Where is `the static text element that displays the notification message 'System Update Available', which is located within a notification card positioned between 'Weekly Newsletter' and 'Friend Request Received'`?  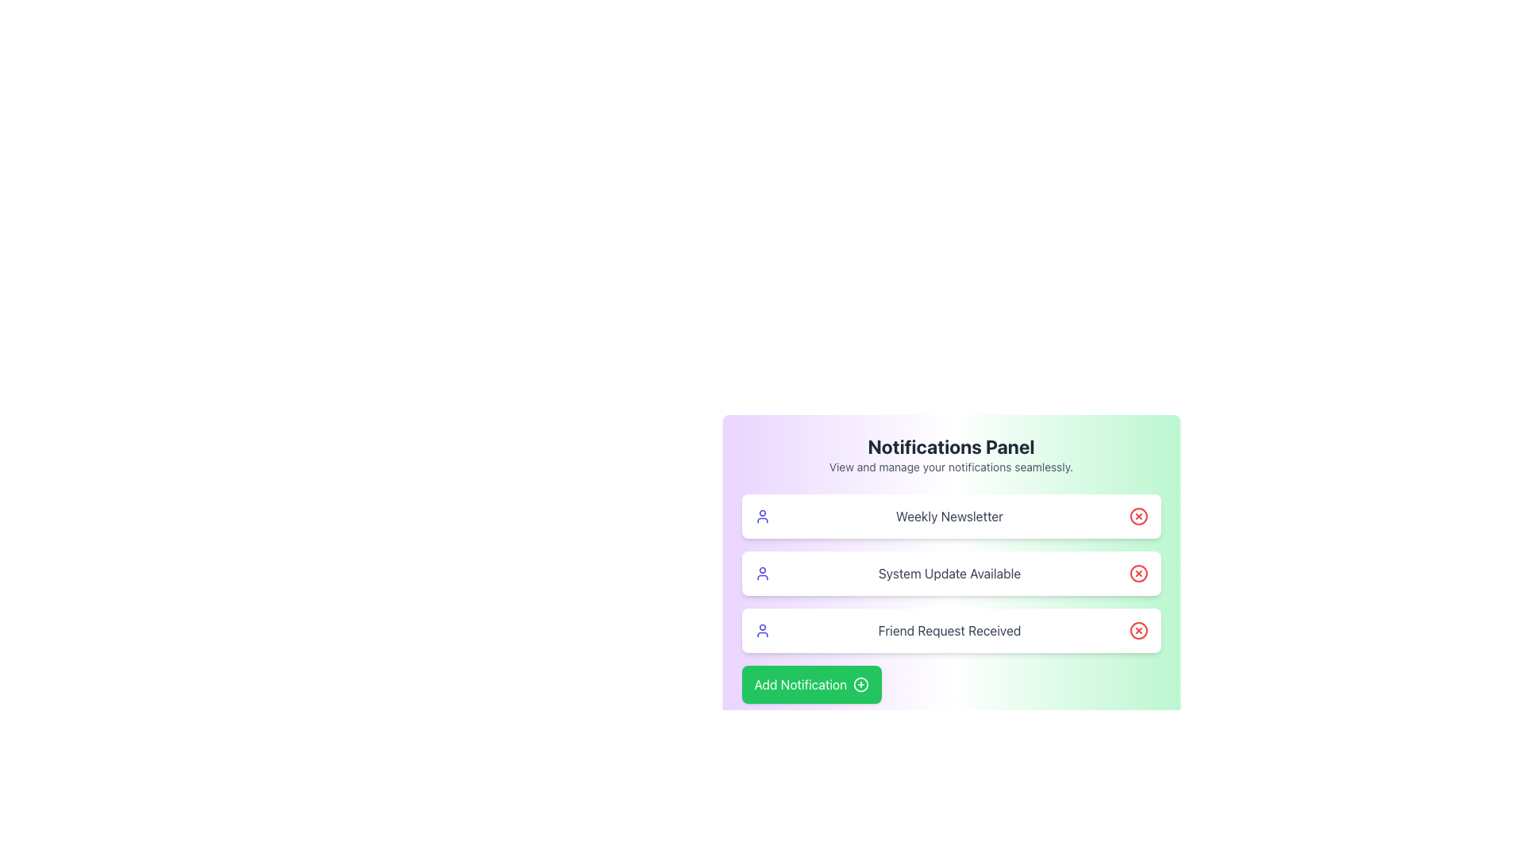 the static text element that displays the notification message 'System Update Available', which is located within a notification card positioned between 'Weekly Newsletter' and 'Friend Request Received' is located at coordinates (949, 573).